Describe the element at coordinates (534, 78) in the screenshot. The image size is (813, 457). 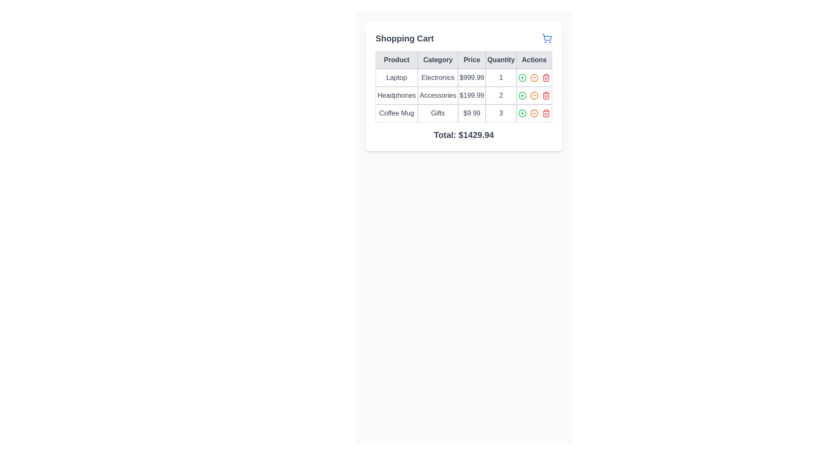
I see `the button in the 'Actions' column of the shopping cart table to decrease the quantity of the 'Laptop' item` at that location.